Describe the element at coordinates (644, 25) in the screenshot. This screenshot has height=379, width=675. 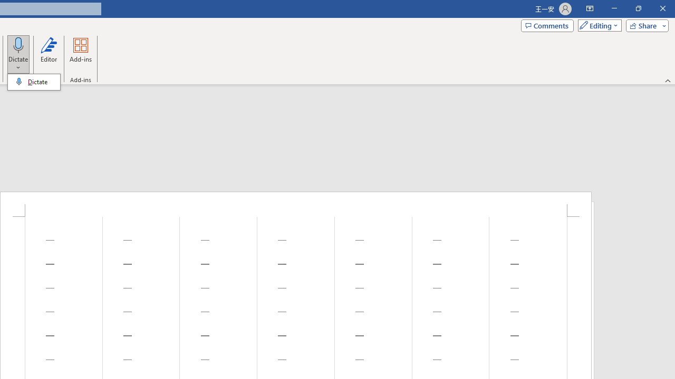
I see `'Share'` at that location.